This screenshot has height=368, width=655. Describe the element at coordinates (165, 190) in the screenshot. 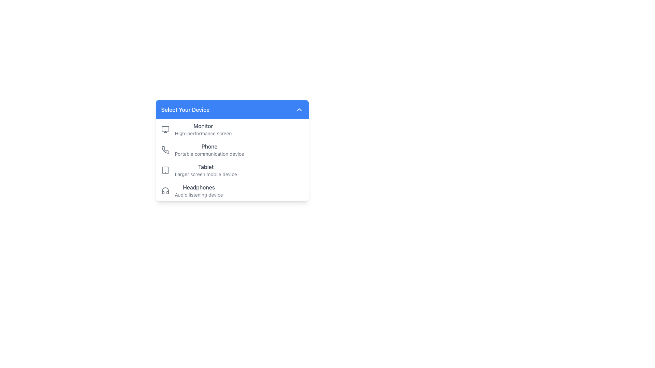

I see `the 'Headphones' icon in the device selection dropdown menu` at that location.